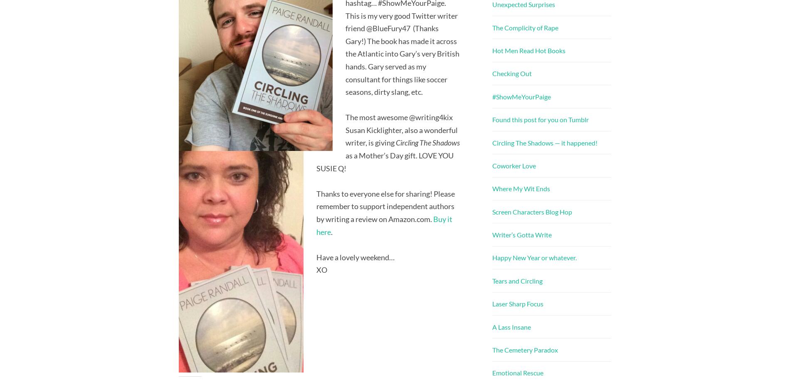 The width and height of the screenshot is (790, 380). I want to click on 'Tears and Circling', so click(517, 280).